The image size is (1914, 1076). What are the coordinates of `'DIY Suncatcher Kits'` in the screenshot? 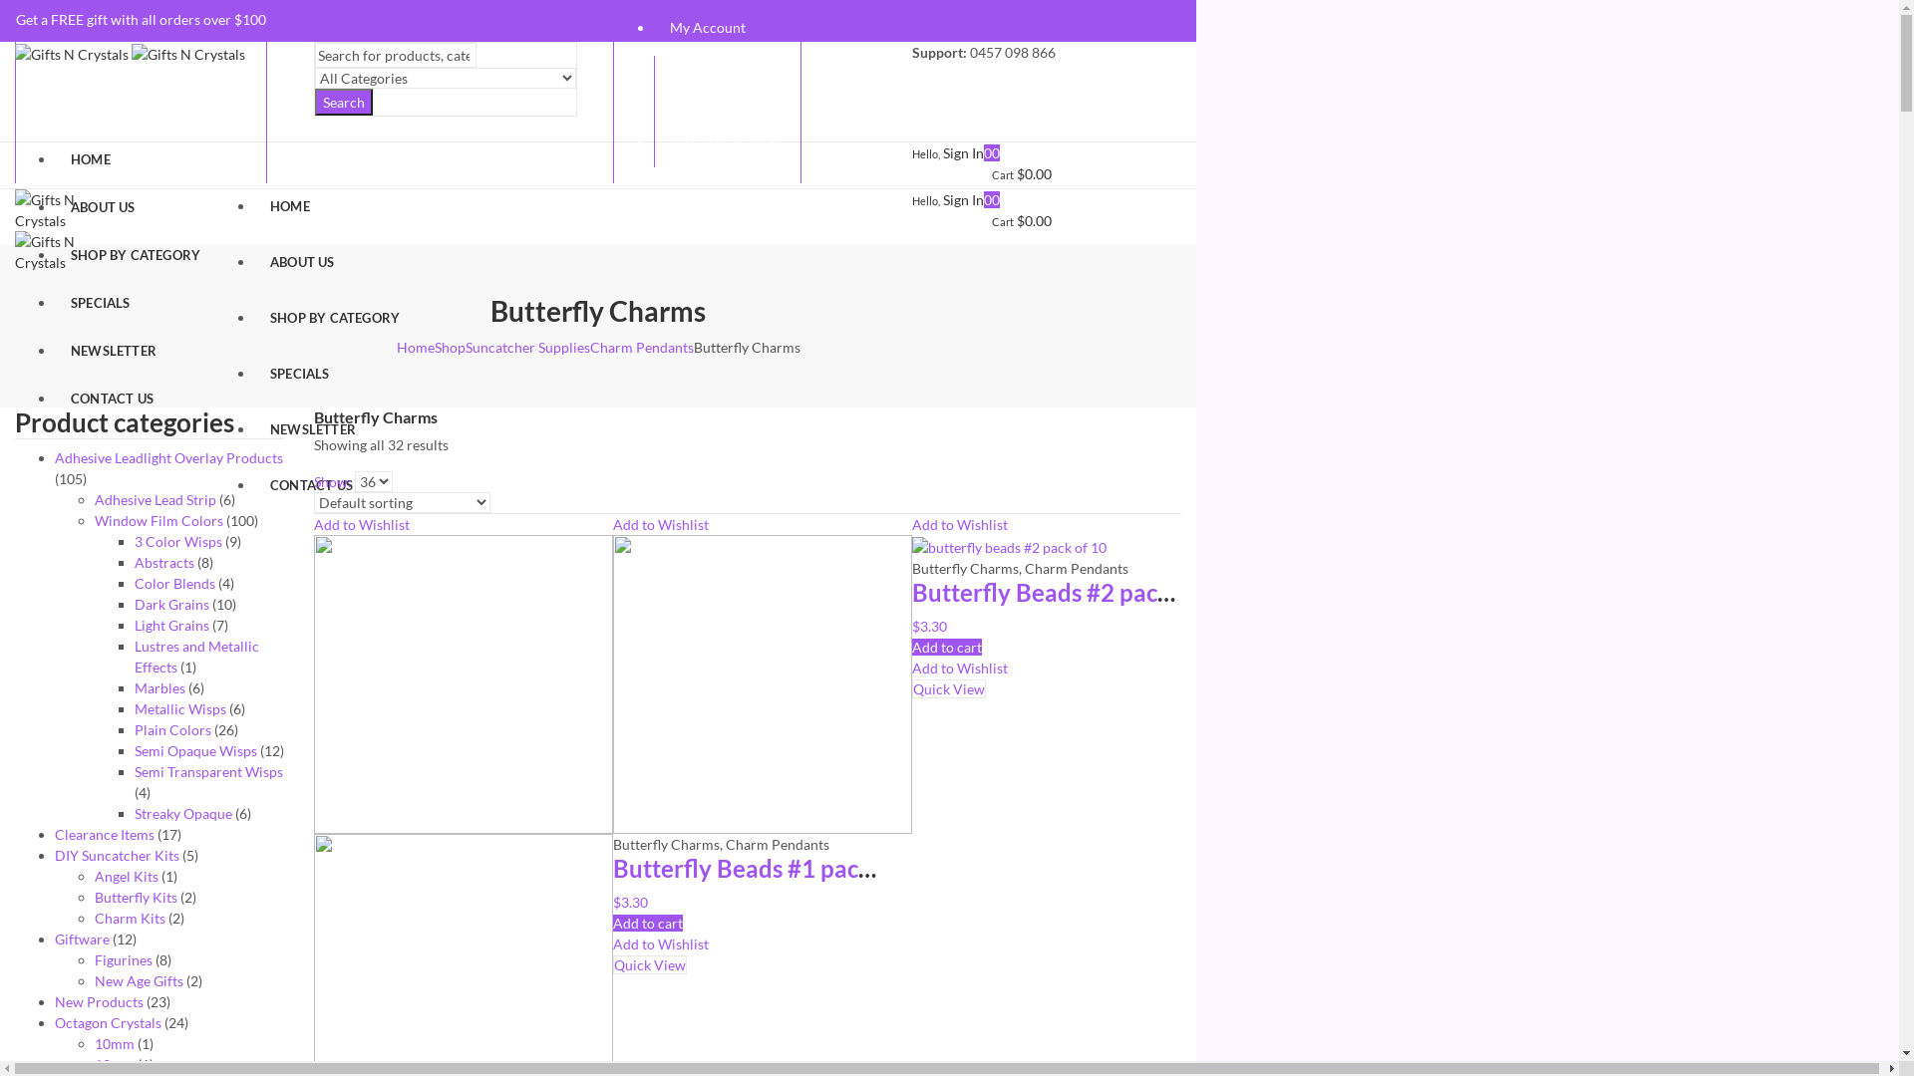 It's located at (116, 854).